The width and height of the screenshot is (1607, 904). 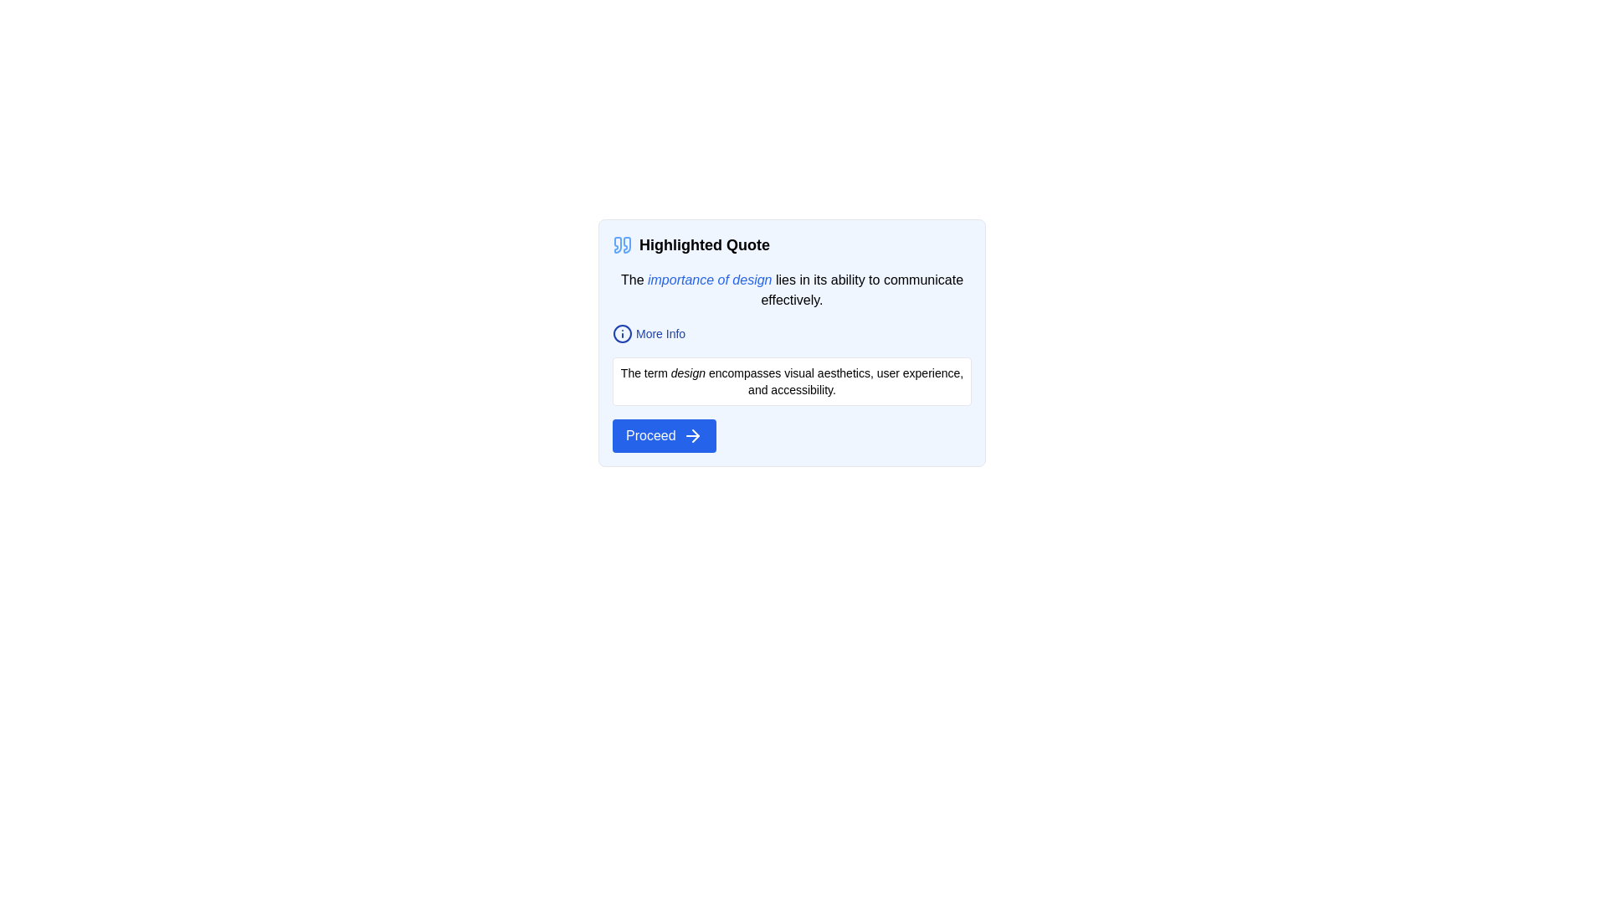 I want to click on the decorative left quotation mark SVG element located in the top-left corner of the card, next to the text 'Highlighted Quote', so click(x=617, y=245).